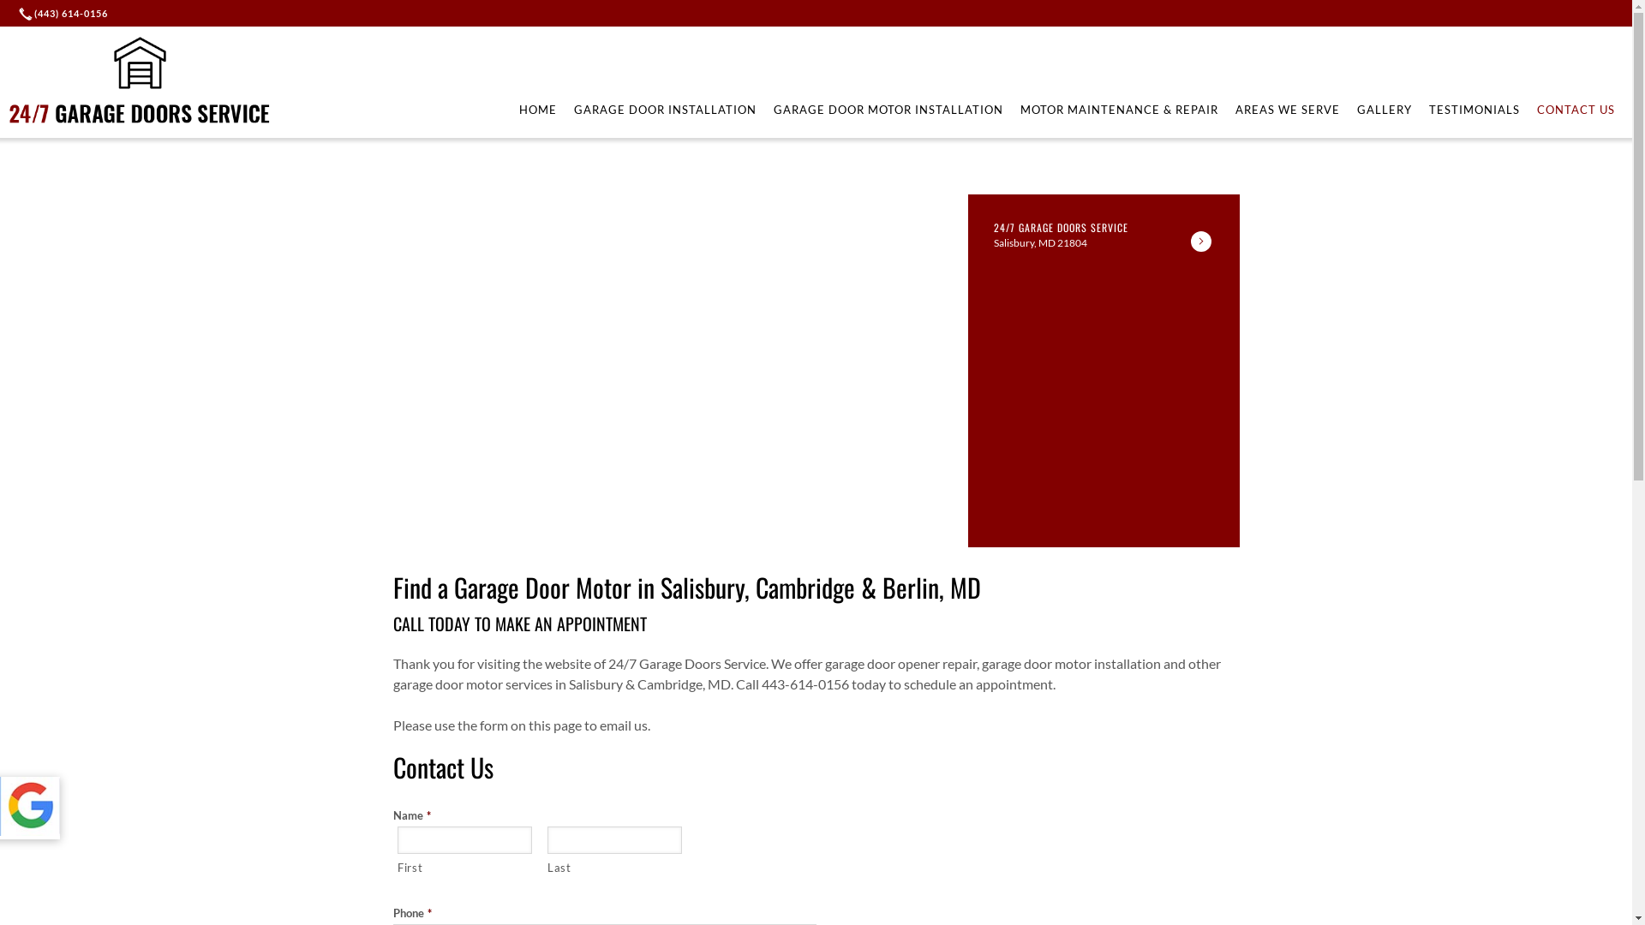 The image size is (1645, 925). I want to click on 'AREAS WE SERVE', so click(1287, 109).